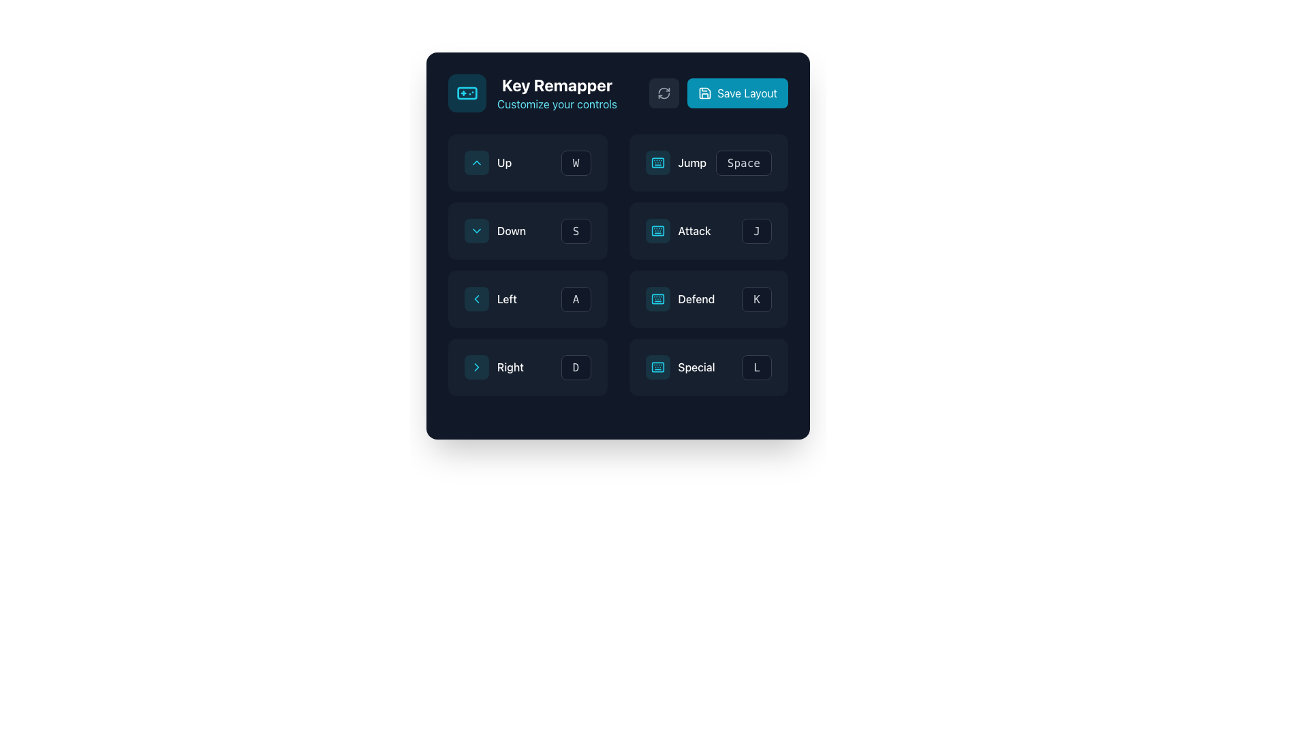 The height and width of the screenshot is (736, 1308). Describe the element at coordinates (708, 265) in the screenshot. I see `the control mappings list element in the right column that shows actions like 'Jump', 'Attack', 'Defend', and 'Special'` at that location.